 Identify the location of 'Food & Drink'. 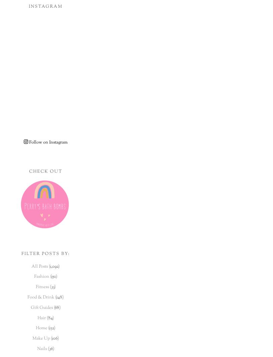
(41, 297).